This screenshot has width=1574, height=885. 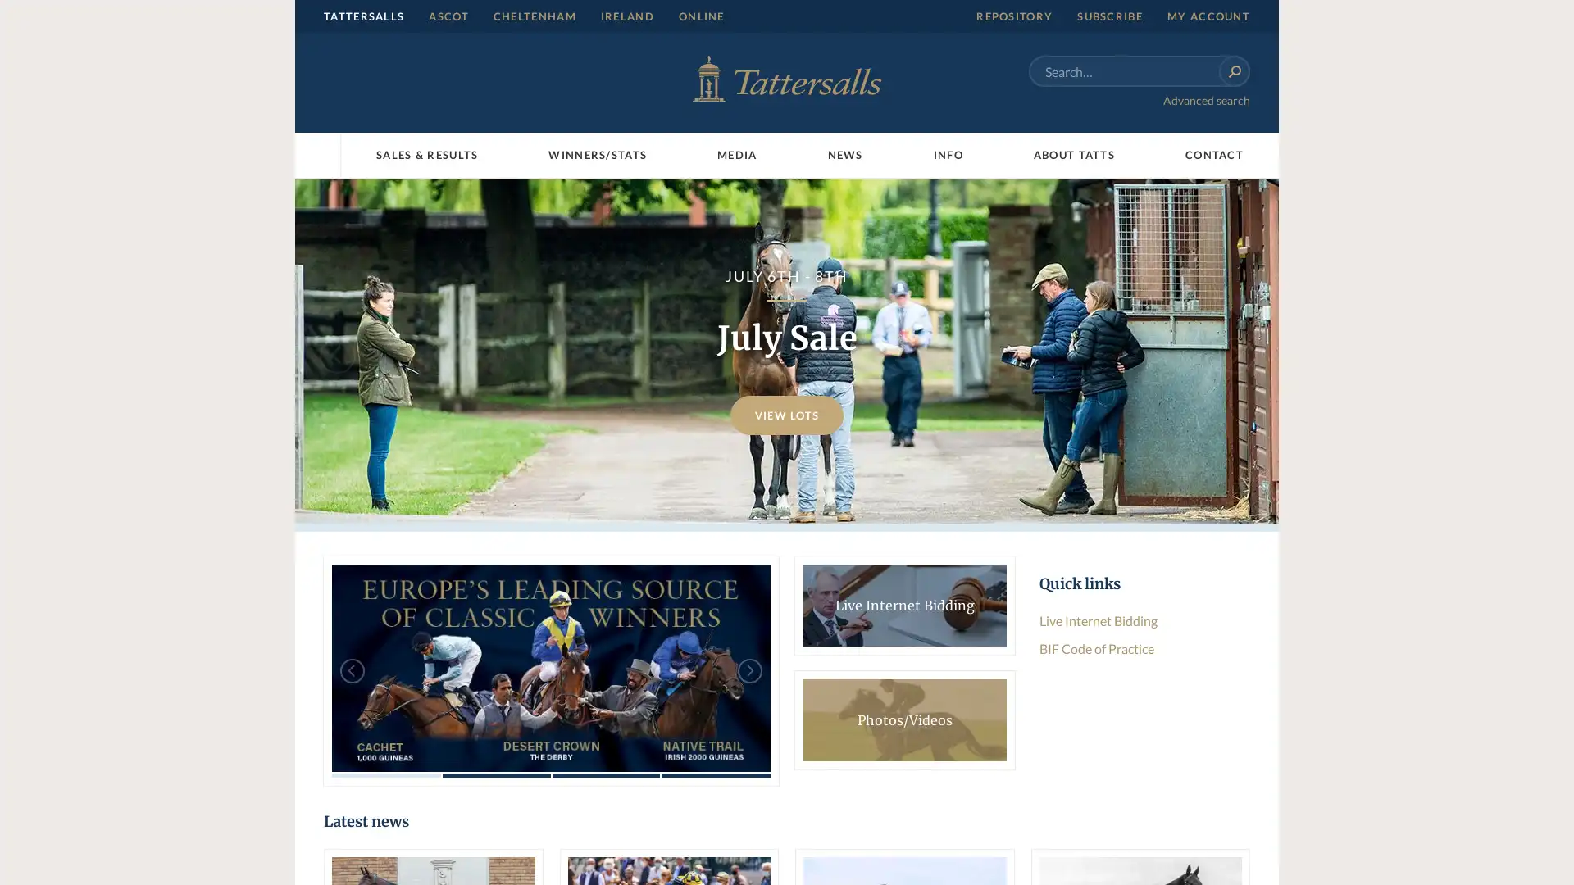 I want to click on Previous, so click(x=352, y=669).